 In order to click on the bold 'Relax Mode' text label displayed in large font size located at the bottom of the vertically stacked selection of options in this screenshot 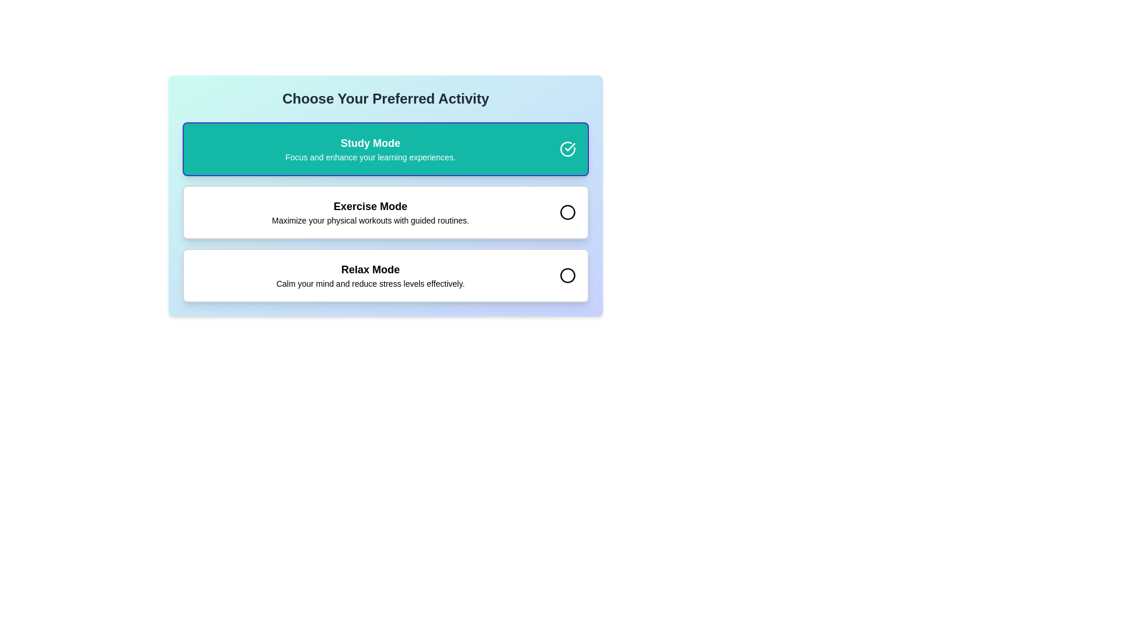, I will do `click(370, 270)`.